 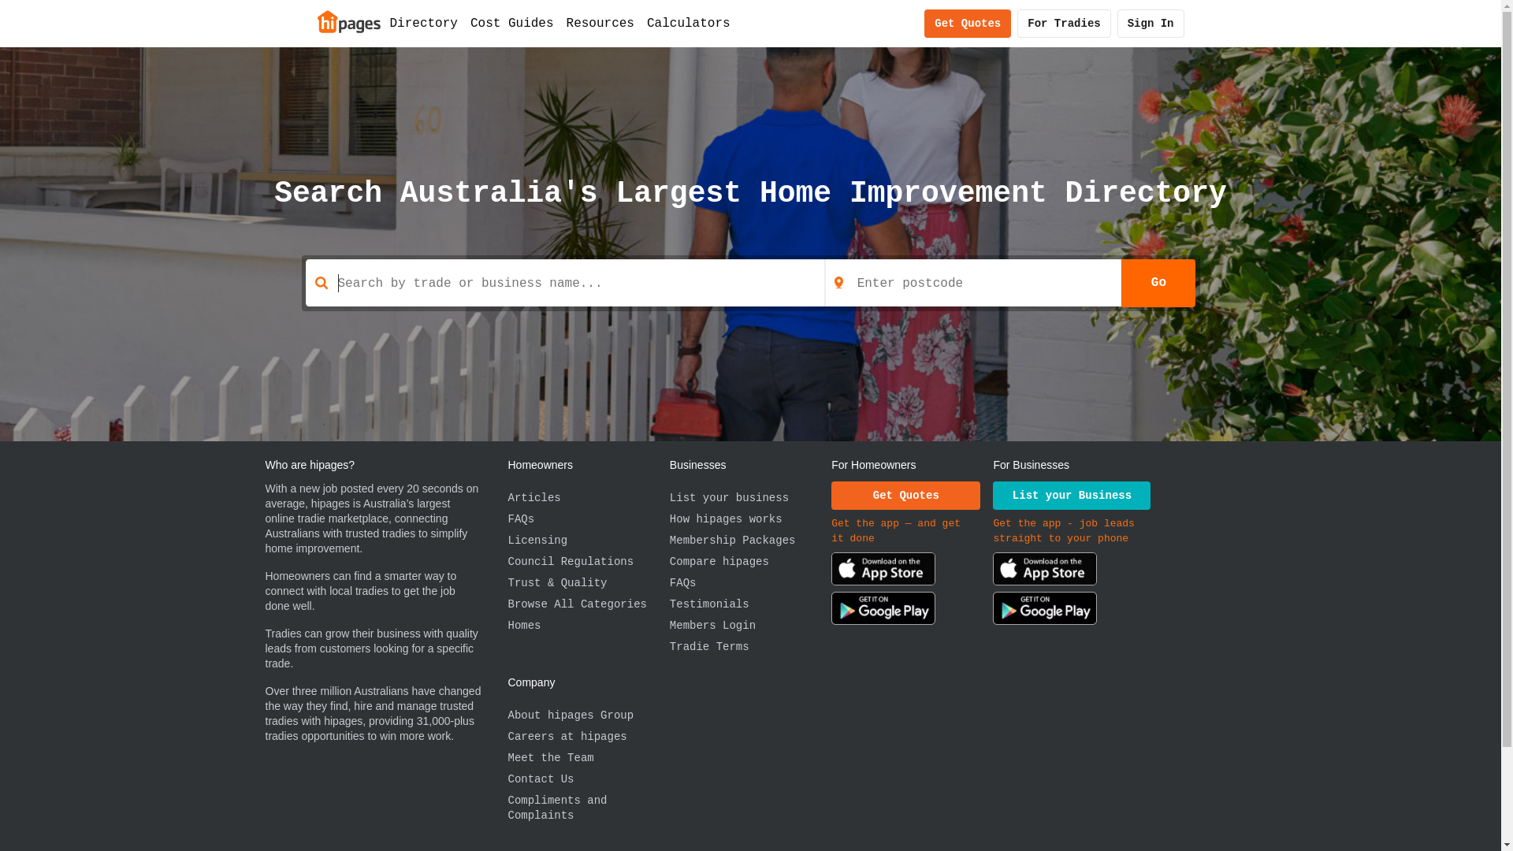 What do you see at coordinates (1063, 24) in the screenshot?
I see `'For Tradies'` at bounding box center [1063, 24].